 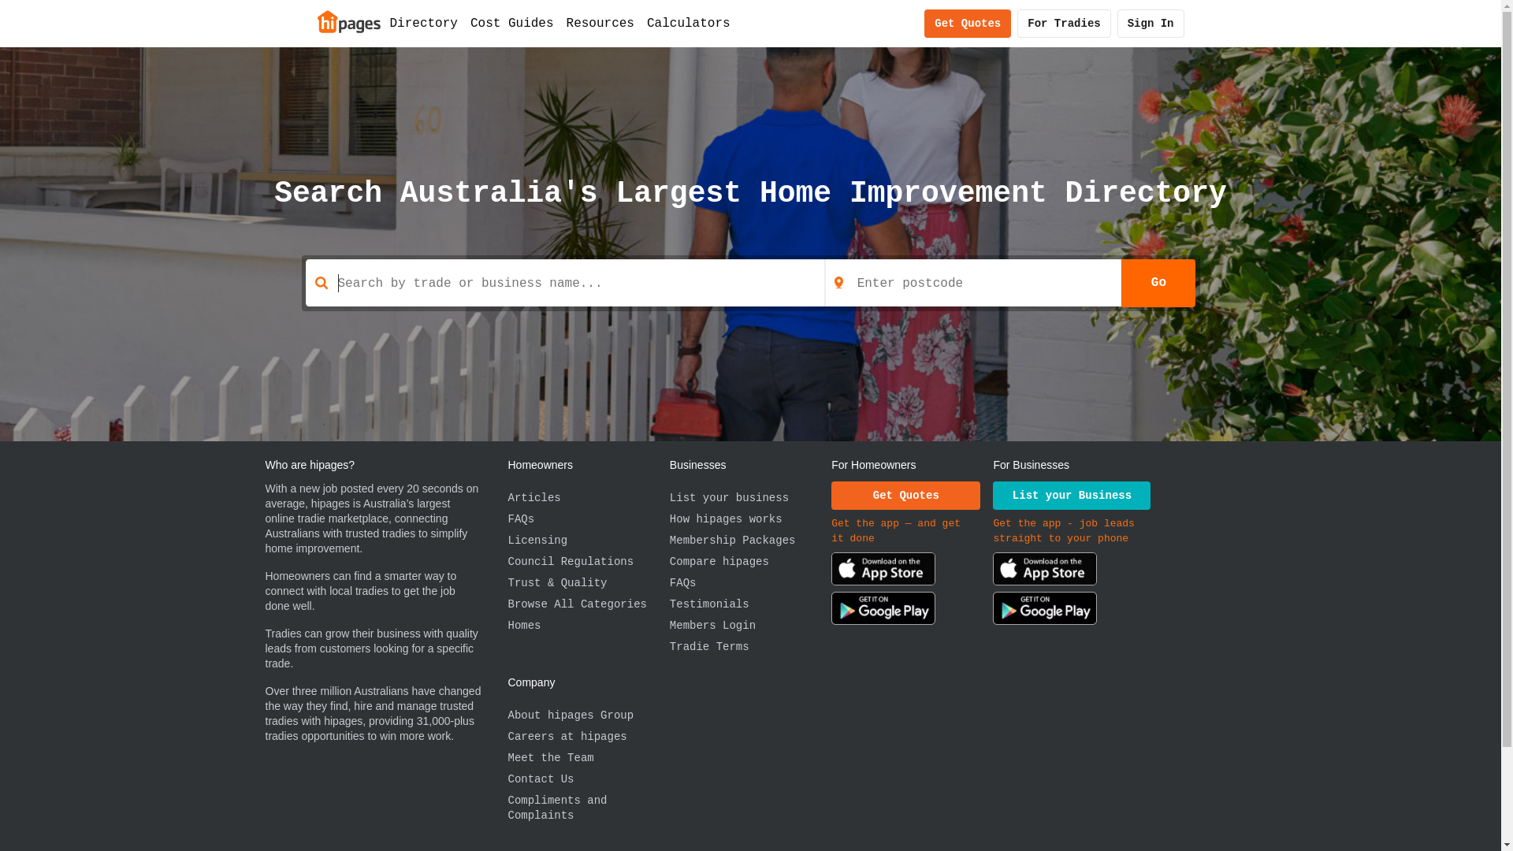 What do you see at coordinates (1063, 24) in the screenshot?
I see `'For Tradies'` at bounding box center [1063, 24].